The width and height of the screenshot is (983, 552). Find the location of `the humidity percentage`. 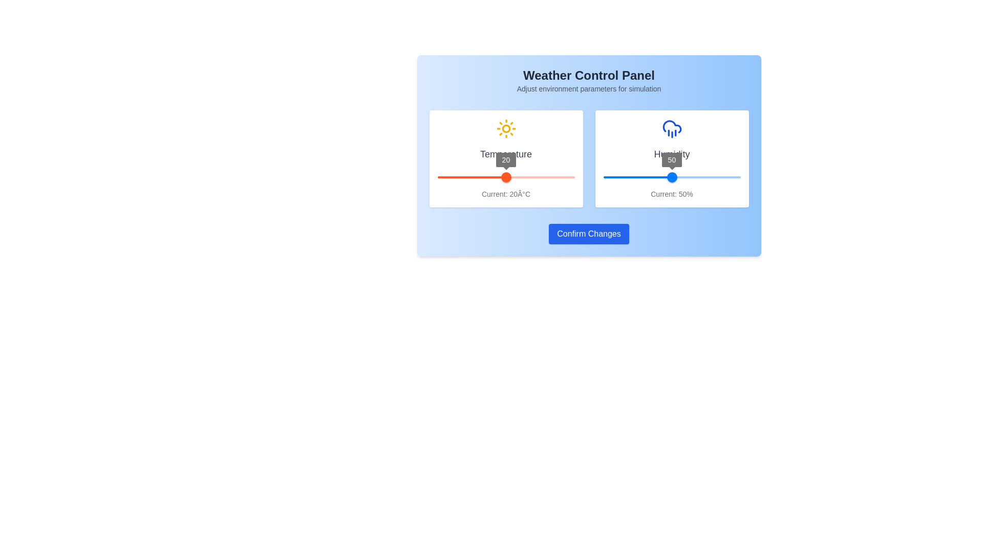

the humidity percentage is located at coordinates (701, 177).